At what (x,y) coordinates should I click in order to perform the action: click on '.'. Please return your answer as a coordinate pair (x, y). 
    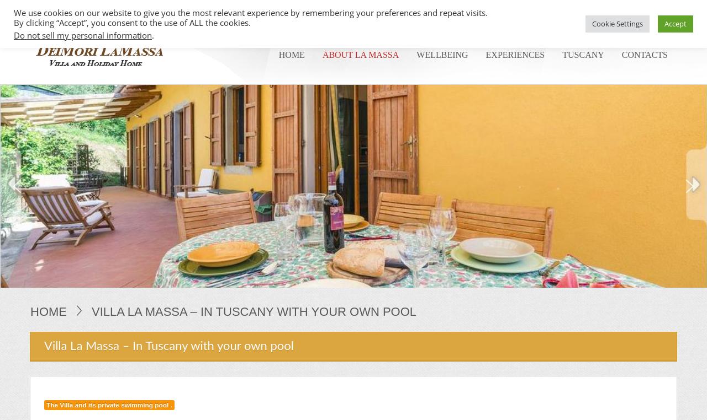
    Looking at the image, I should click on (152, 35).